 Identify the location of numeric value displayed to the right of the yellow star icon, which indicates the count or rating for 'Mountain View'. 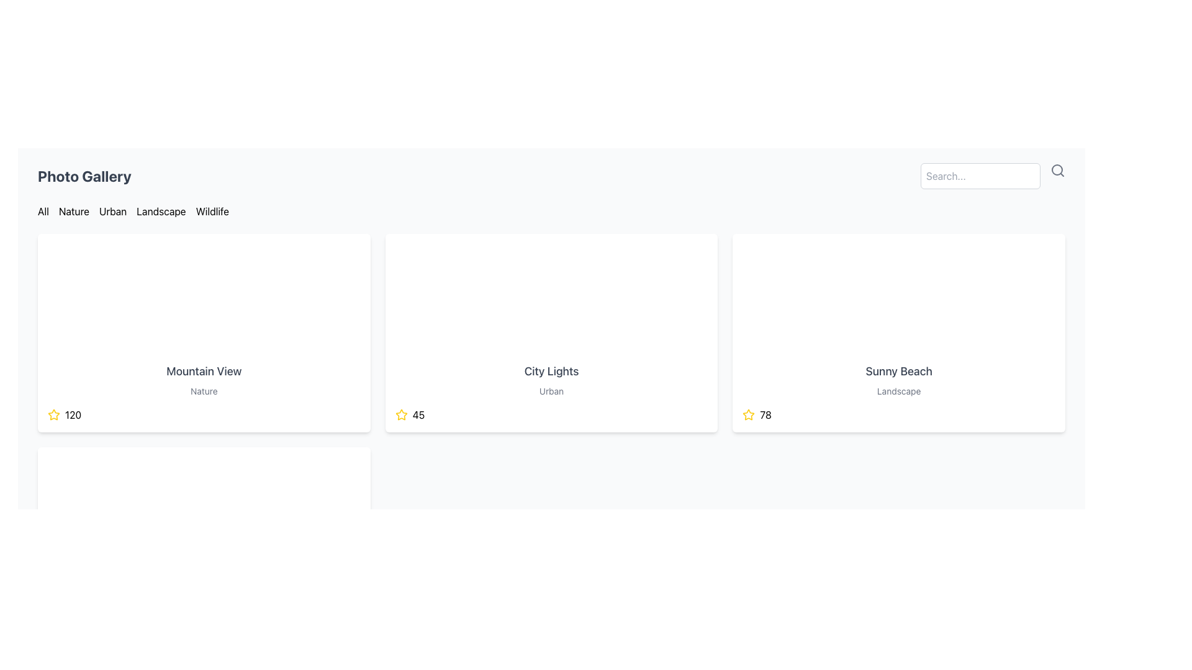
(73, 414).